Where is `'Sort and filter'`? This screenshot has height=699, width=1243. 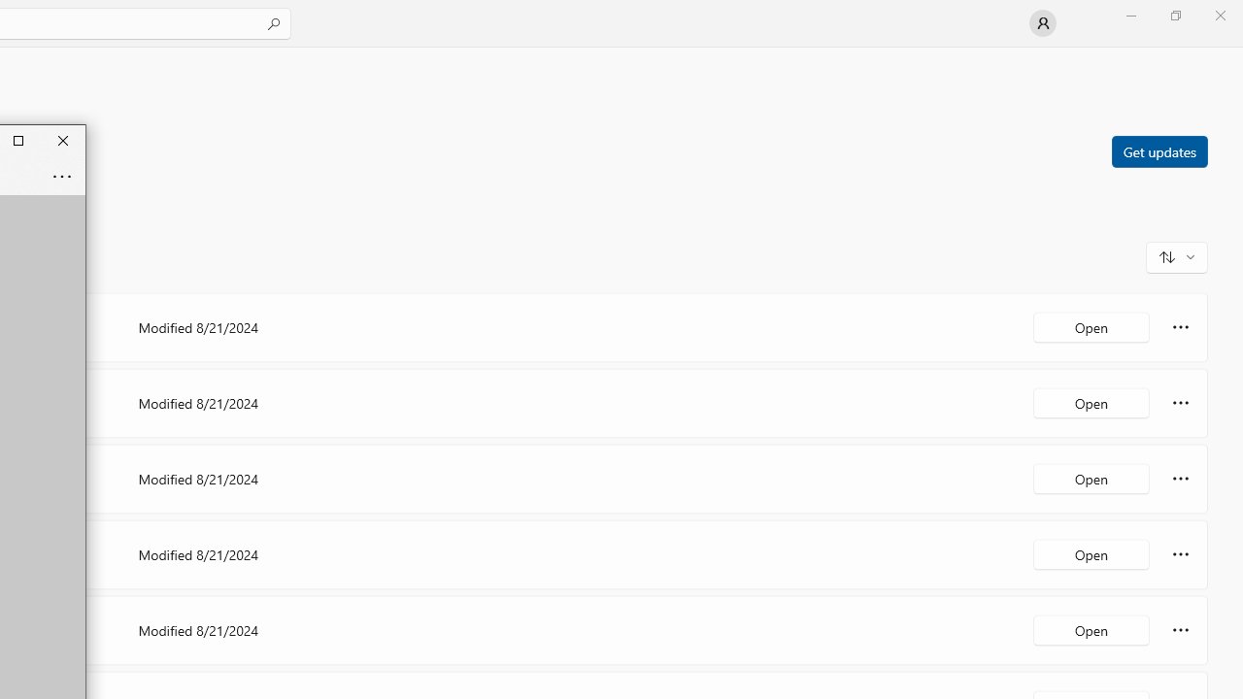 'Sort and filter' is located at coordinates (1176, 255).